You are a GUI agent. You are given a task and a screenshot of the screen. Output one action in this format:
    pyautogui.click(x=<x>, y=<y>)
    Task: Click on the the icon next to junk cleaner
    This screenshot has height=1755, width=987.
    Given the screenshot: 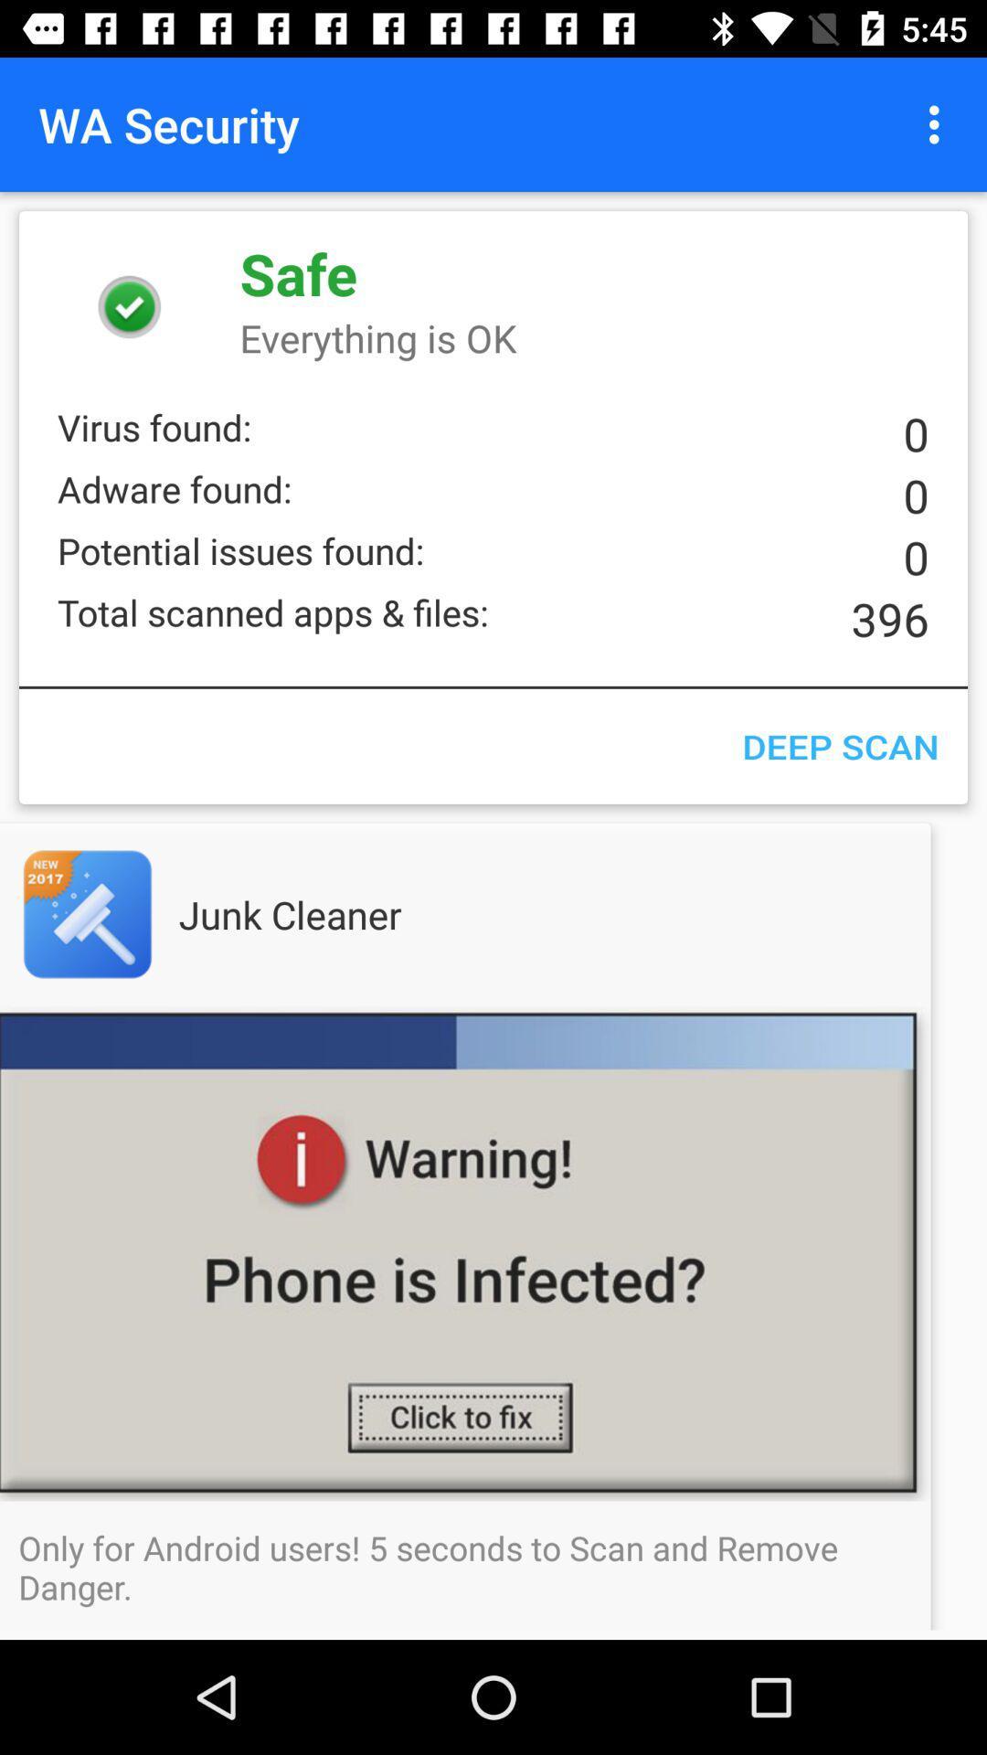 What is the action you would take?
    pyautogui.click(x=123, y=914)
    